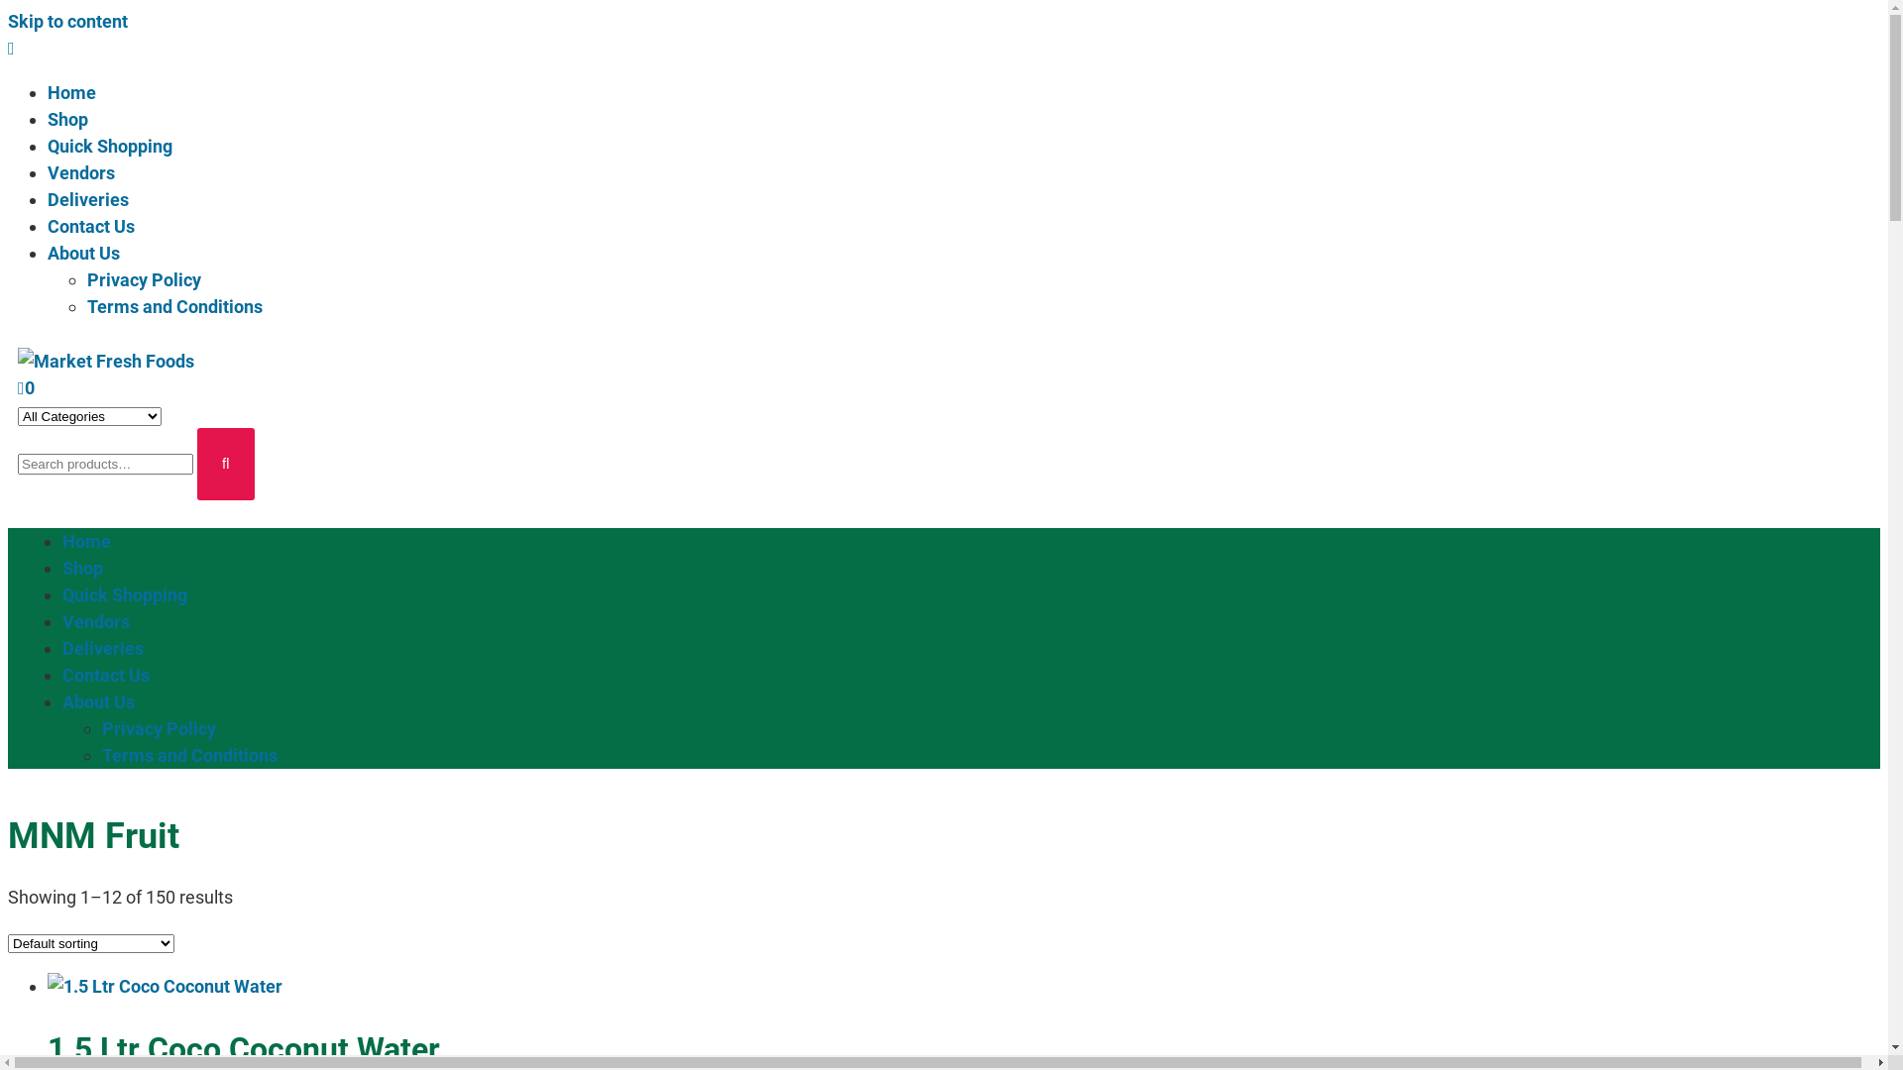  I want to click on 'Skip to content', so click(8, 21).